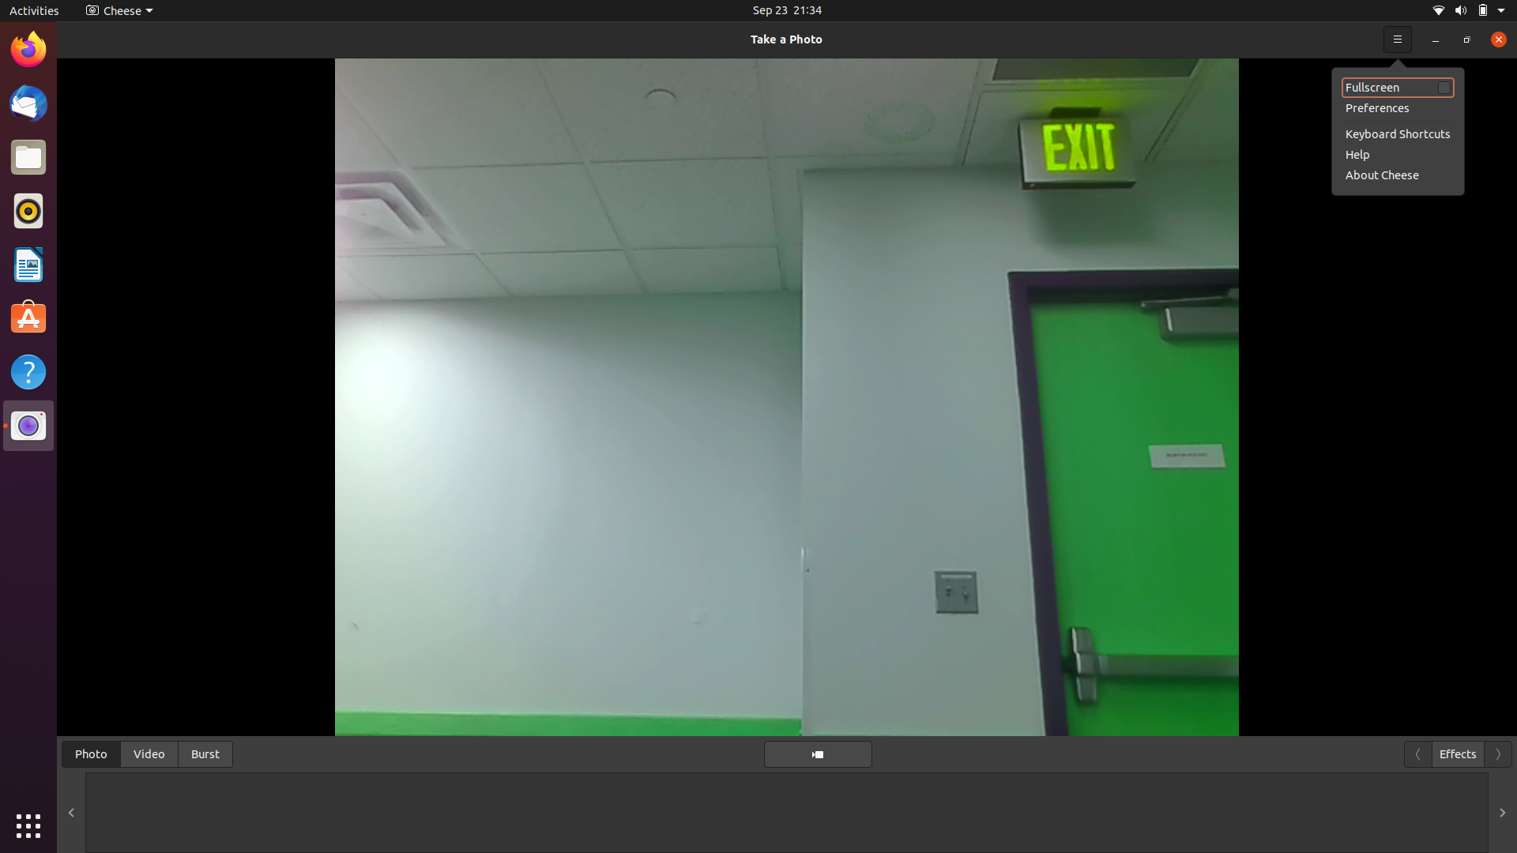 The width and height of the screenshot is (1517, 853). Describe the element at coordinates (115, 9) in the screenshot. I see `Adjust settings of the camera` at that location.